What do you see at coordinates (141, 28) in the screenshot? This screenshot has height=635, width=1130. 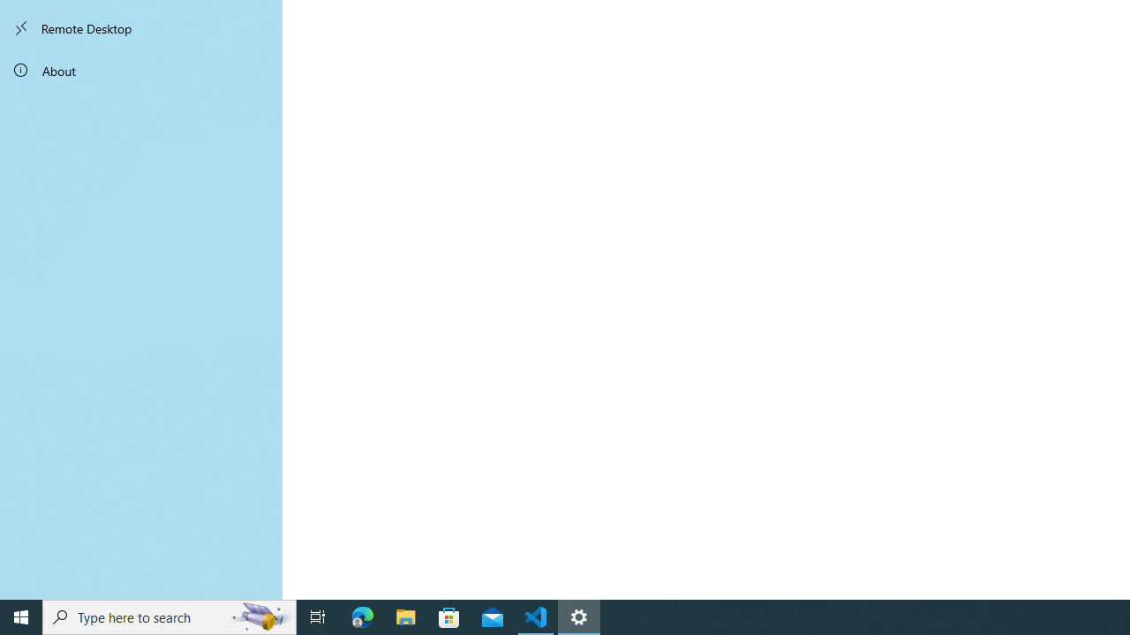 I see `'Remote Desktop'` at bounding box center [141, 28].